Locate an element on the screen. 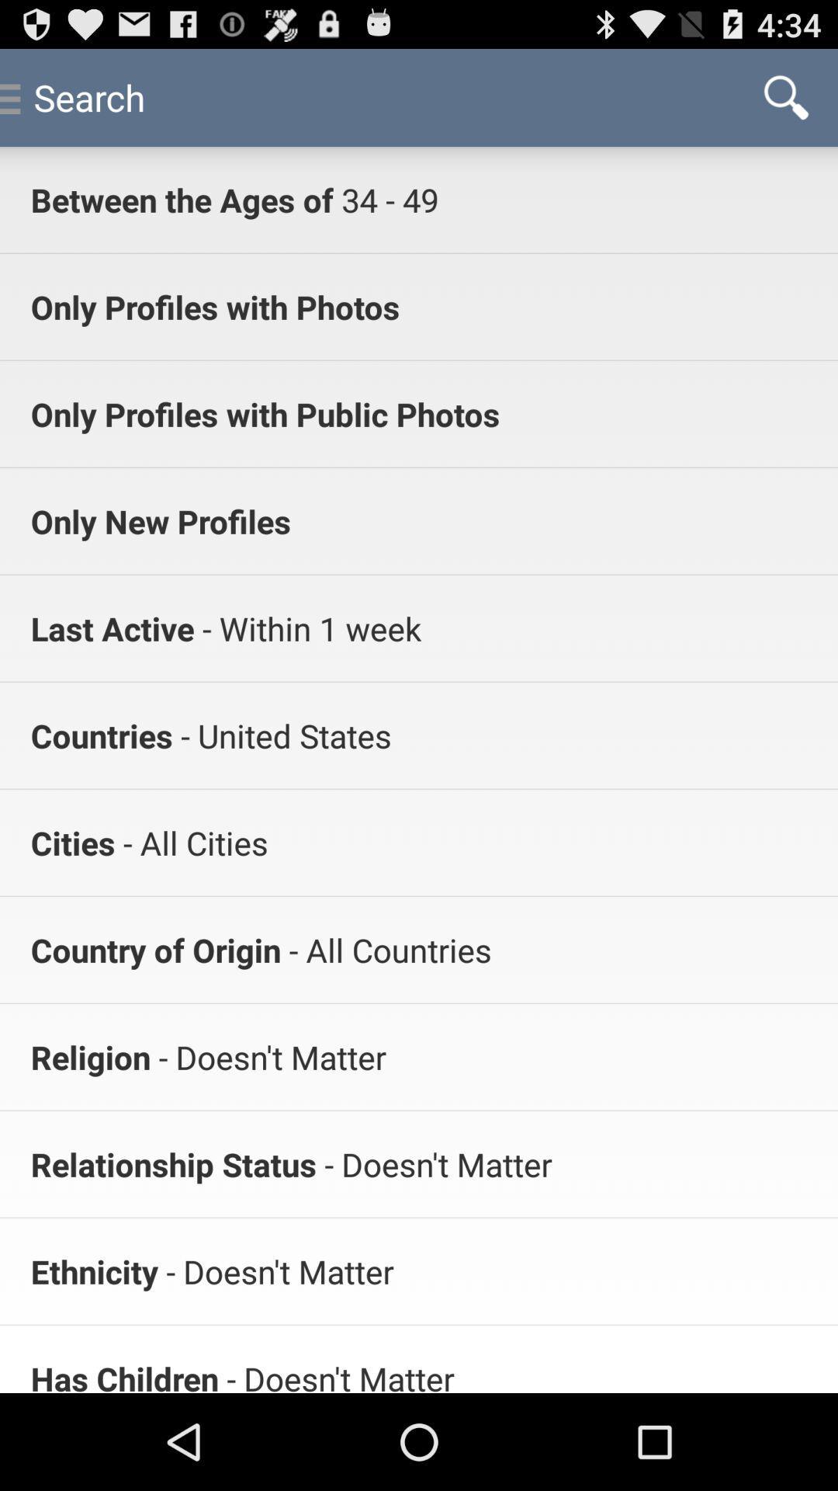  the app below countries item is located at coordinates (191, 842).